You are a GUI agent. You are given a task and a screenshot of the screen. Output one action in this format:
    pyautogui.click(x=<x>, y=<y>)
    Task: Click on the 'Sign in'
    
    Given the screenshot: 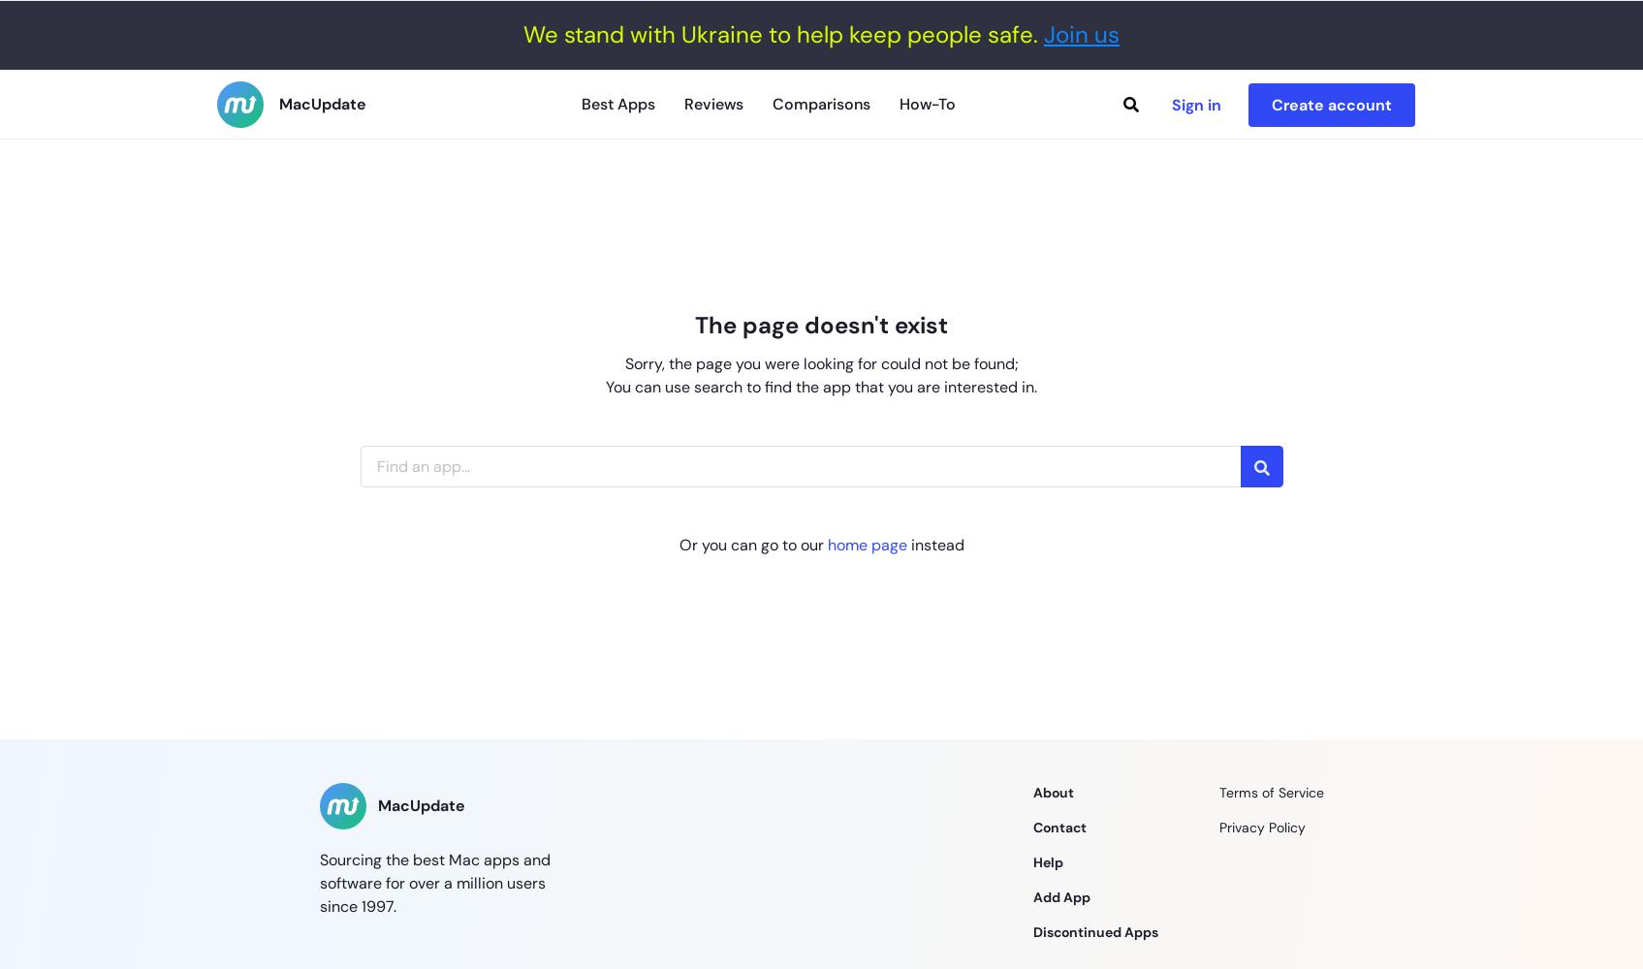 What is the action you would take?
    pyautogui.click(x=1171, y=103)
    